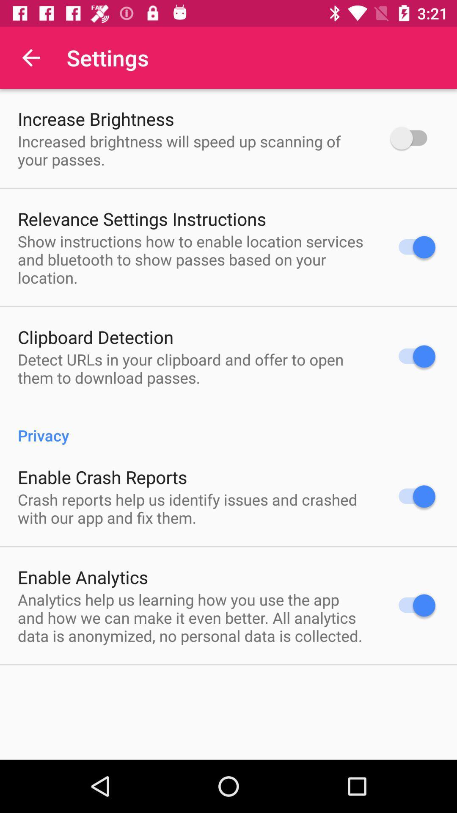 The width and height of the screenshot is (457, 813). I want to click on the icon above the analytics help us icon, so click(83, 576).